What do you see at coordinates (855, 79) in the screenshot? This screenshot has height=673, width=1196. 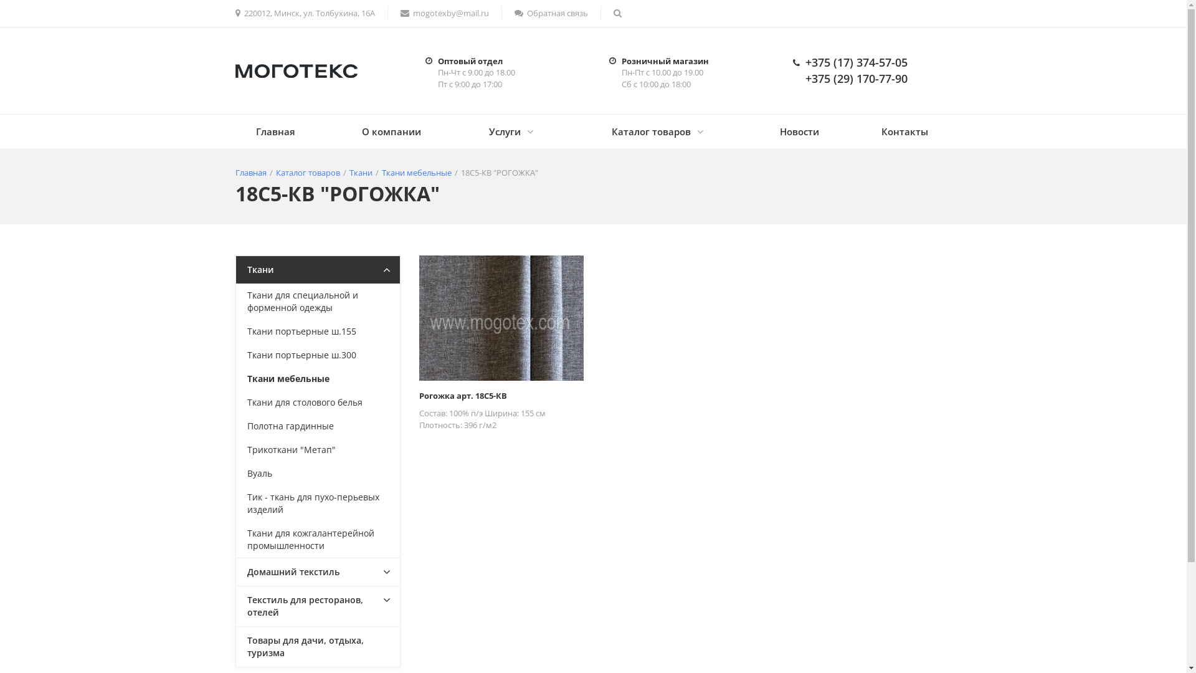 I see `'+375 (29) 170-77-90'` at bounding box center [855, 79].